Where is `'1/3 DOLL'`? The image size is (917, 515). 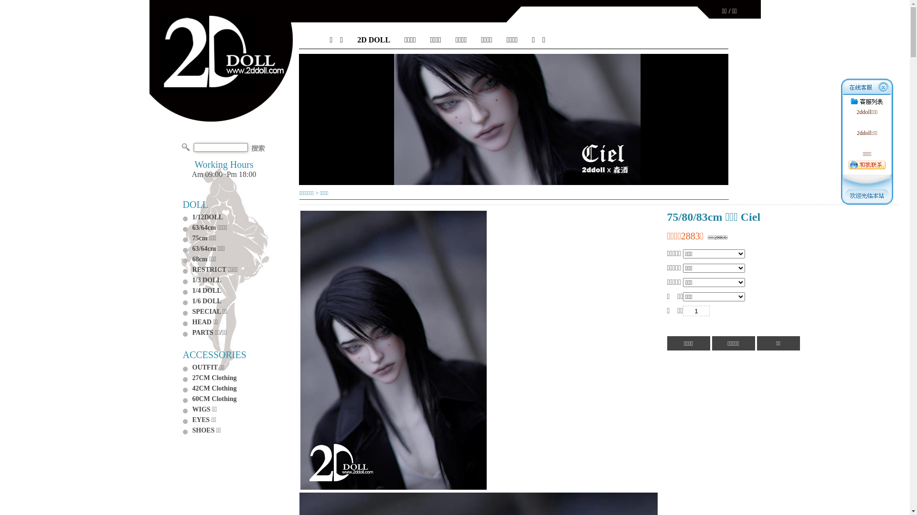
'1/3 DOLL' is located at coordinates (206, 279).